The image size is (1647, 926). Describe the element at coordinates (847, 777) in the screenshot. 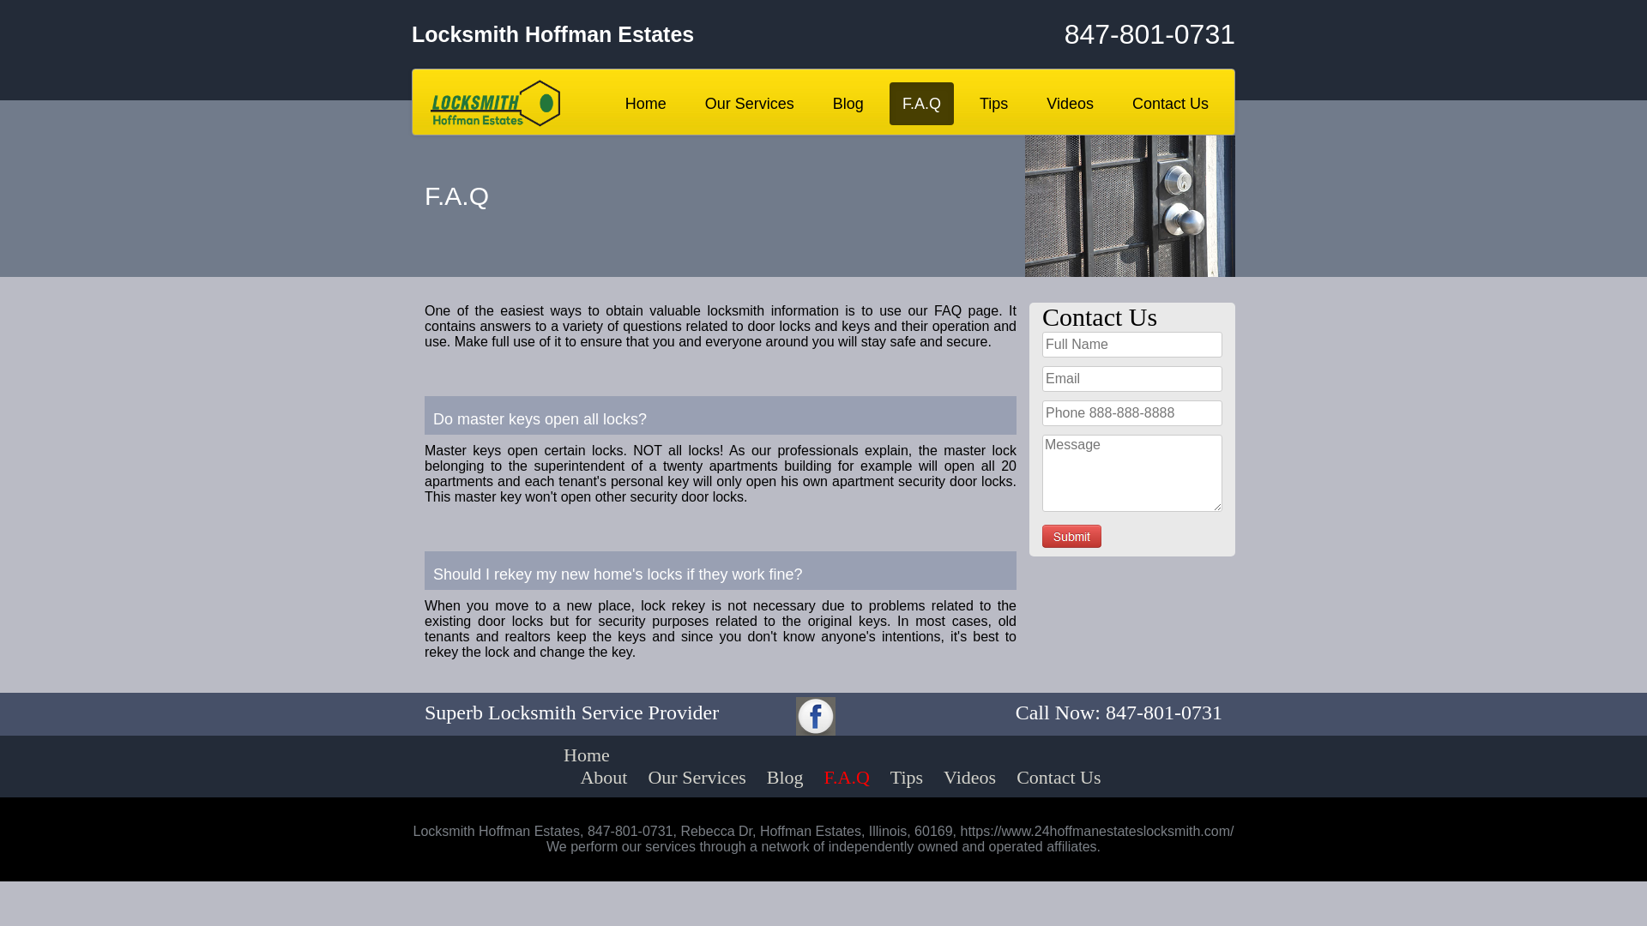

I see `'F.A.Q'` at that location.